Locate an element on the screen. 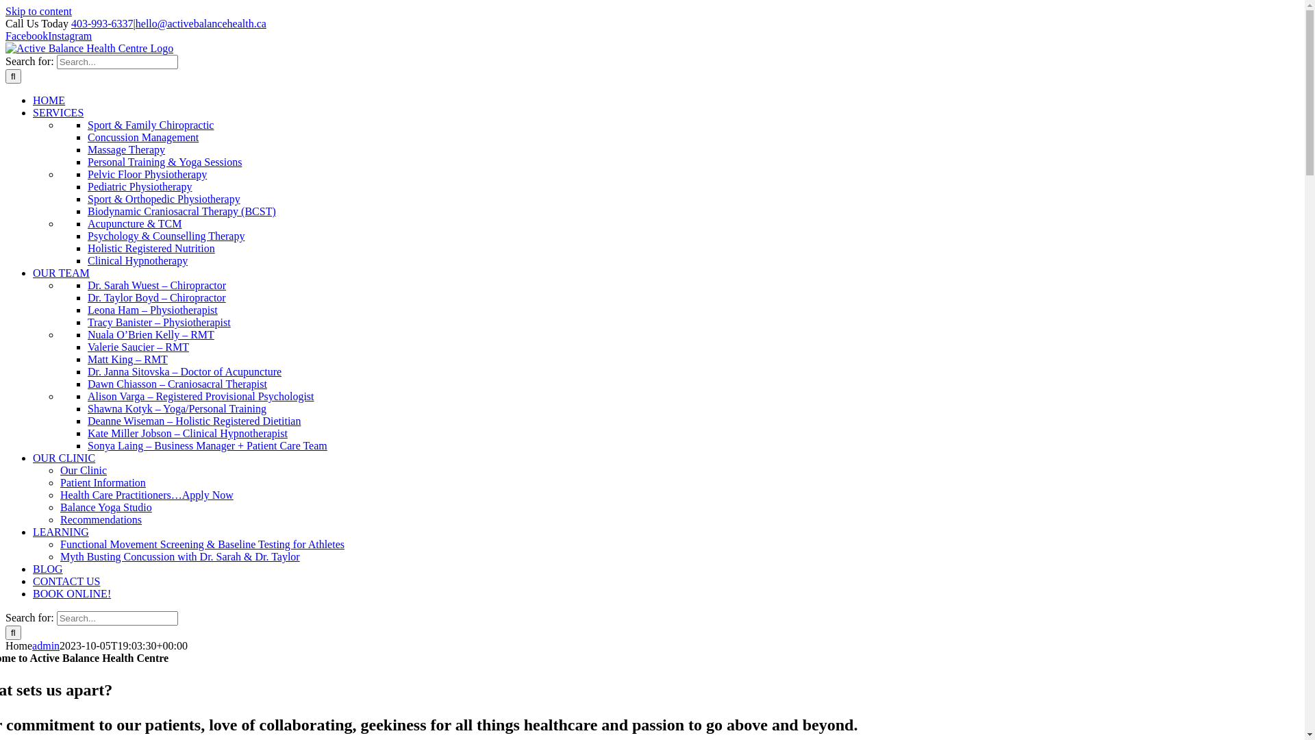 The width and height of the screenshot is (1315, 740). 'OUR CLINIC' is located at coordinates (63, 458).